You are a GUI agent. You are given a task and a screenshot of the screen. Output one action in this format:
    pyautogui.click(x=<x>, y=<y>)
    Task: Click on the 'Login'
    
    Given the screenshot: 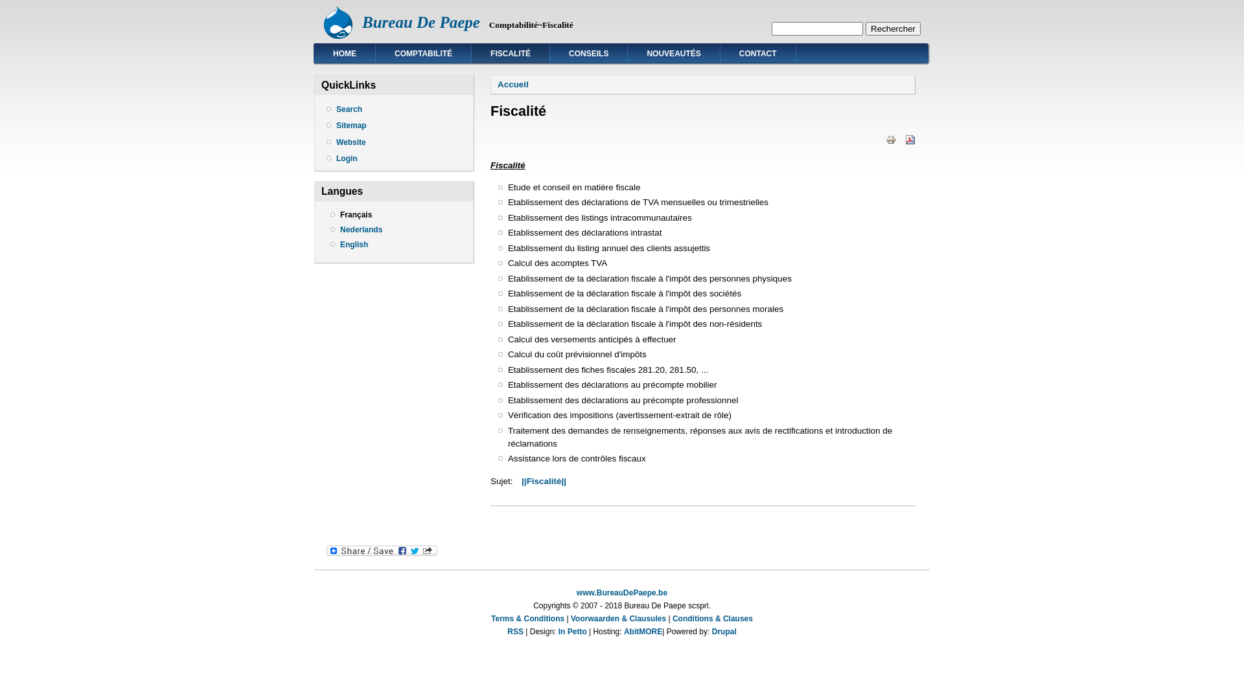 What is the action you would take?
    pyautogui.click(x=397, y=158)
    